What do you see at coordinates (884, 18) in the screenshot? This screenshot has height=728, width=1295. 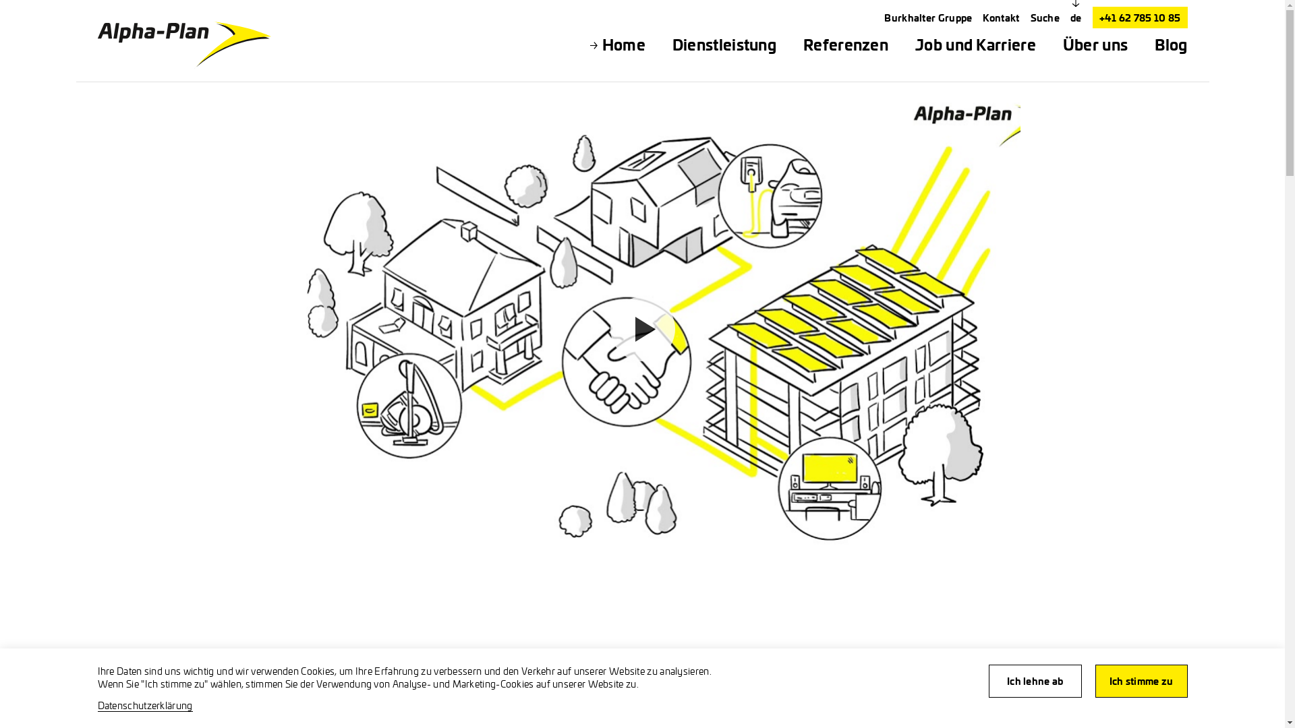 I see `'Burkhalter Gruppe'` at bounding box center [884, 18].